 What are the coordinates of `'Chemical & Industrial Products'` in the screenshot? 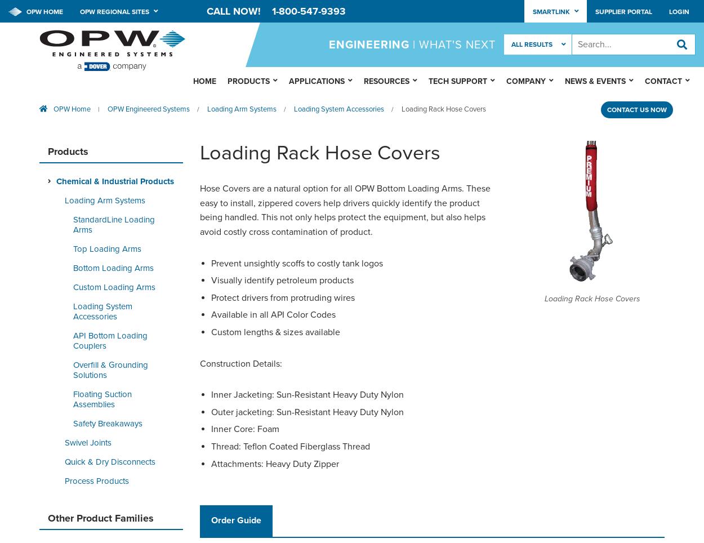 It's located at (114, 181).